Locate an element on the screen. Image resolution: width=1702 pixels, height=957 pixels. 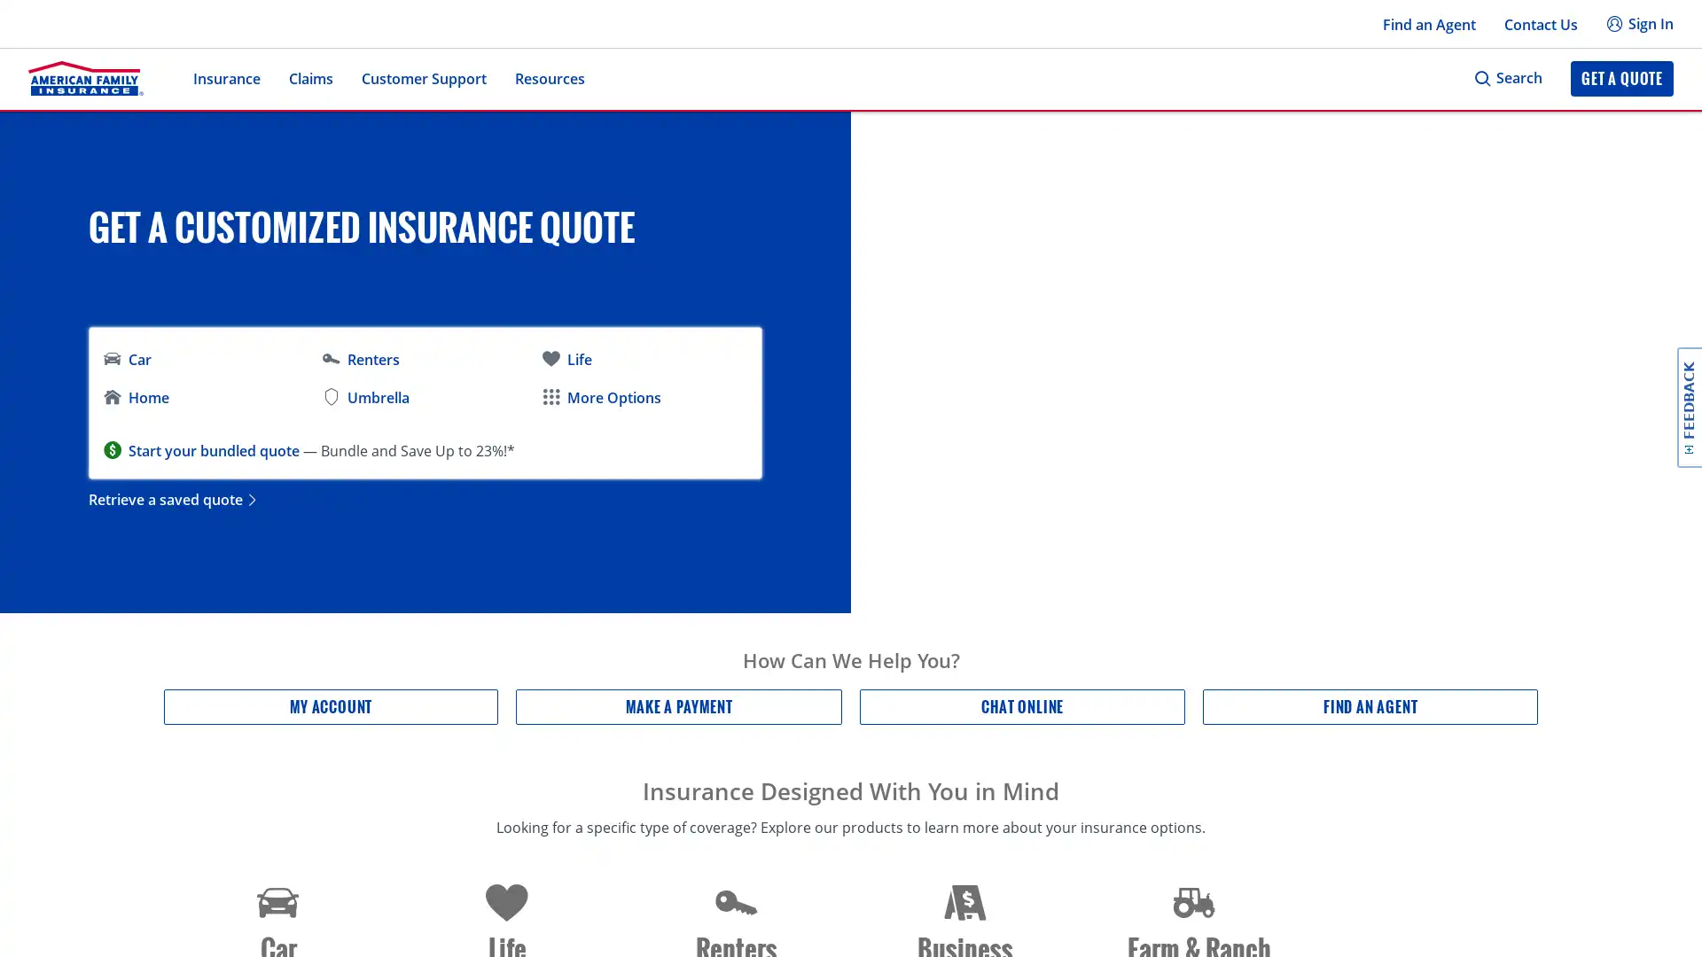
Sign In is located at coordinates (1638, 24).